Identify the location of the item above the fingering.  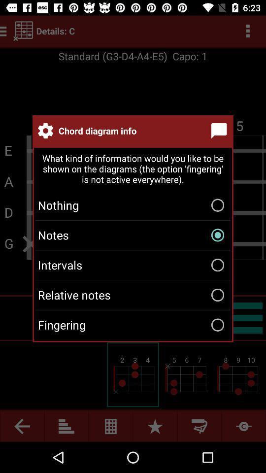
(133, 295).